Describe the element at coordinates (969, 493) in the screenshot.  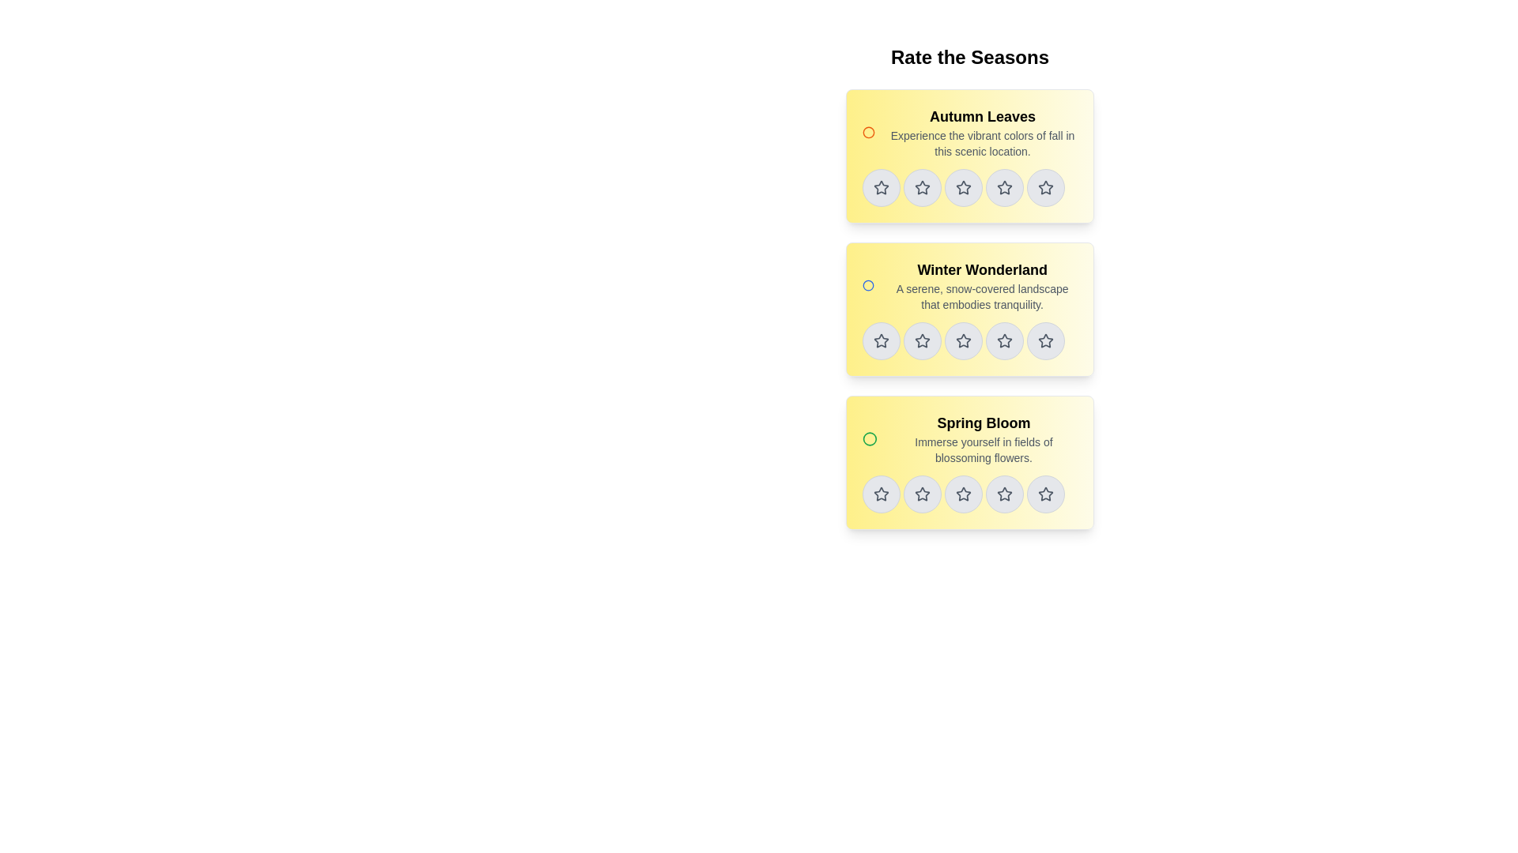
I see `the third rating button for 'Spring Bloom'` at that location.